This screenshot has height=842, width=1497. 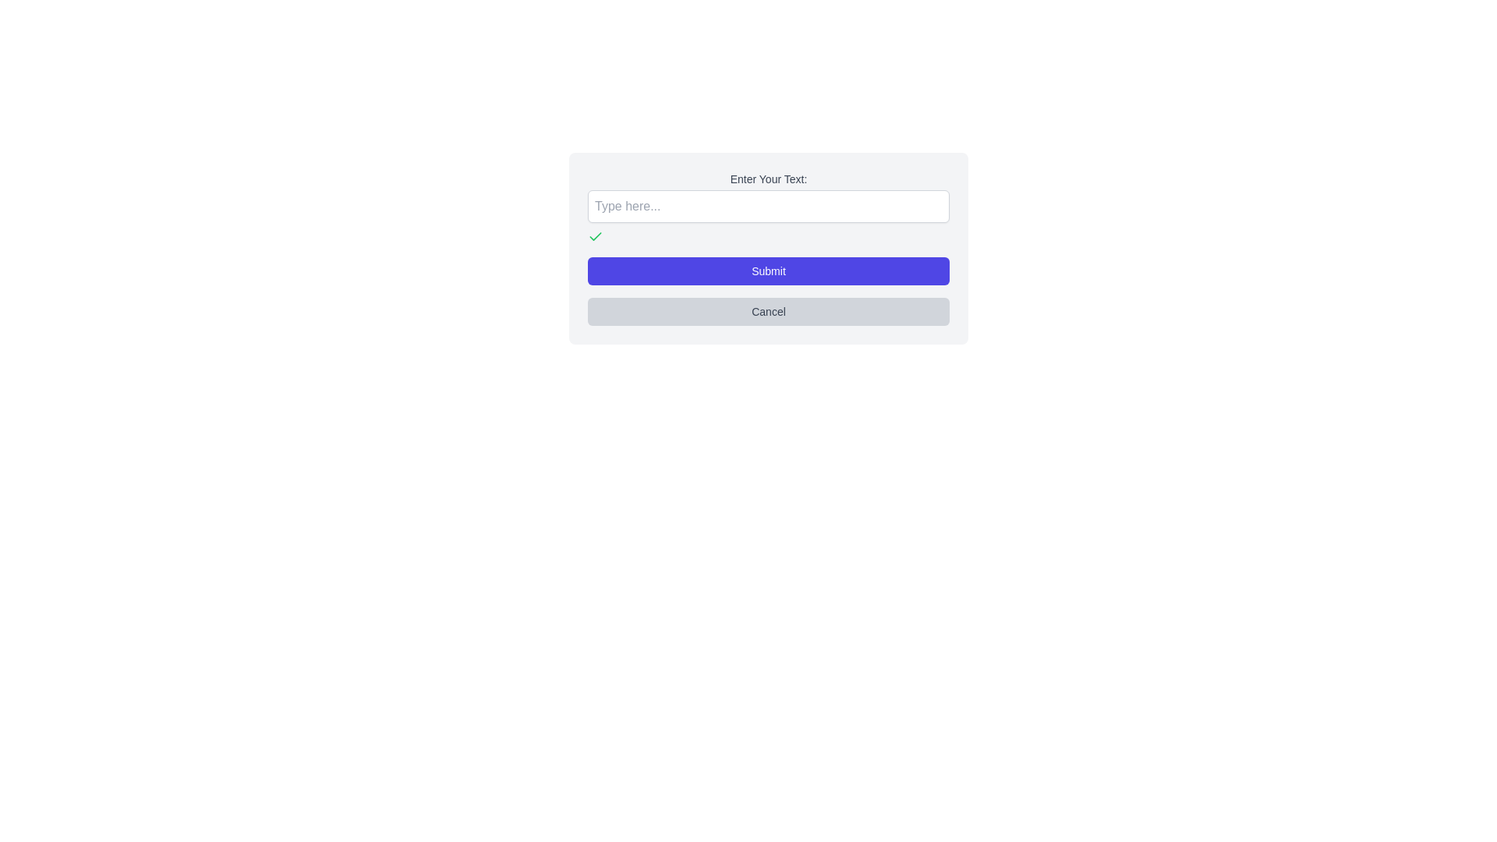 I want to click on the green checkmark icon that signifies success or confirmation, located in the top-left corner of the component group below the 'Enter Your Text:' input box, so click(x=594, y=237).